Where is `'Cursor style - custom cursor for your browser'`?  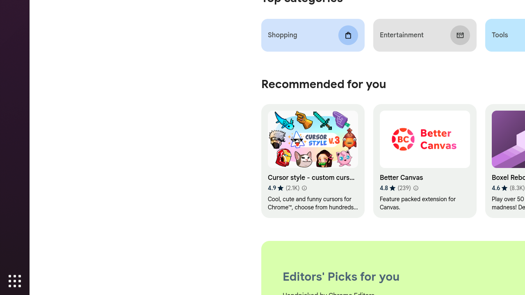 'Cursor style - custom cursor for your browser' is located at coordinates (312, 161).